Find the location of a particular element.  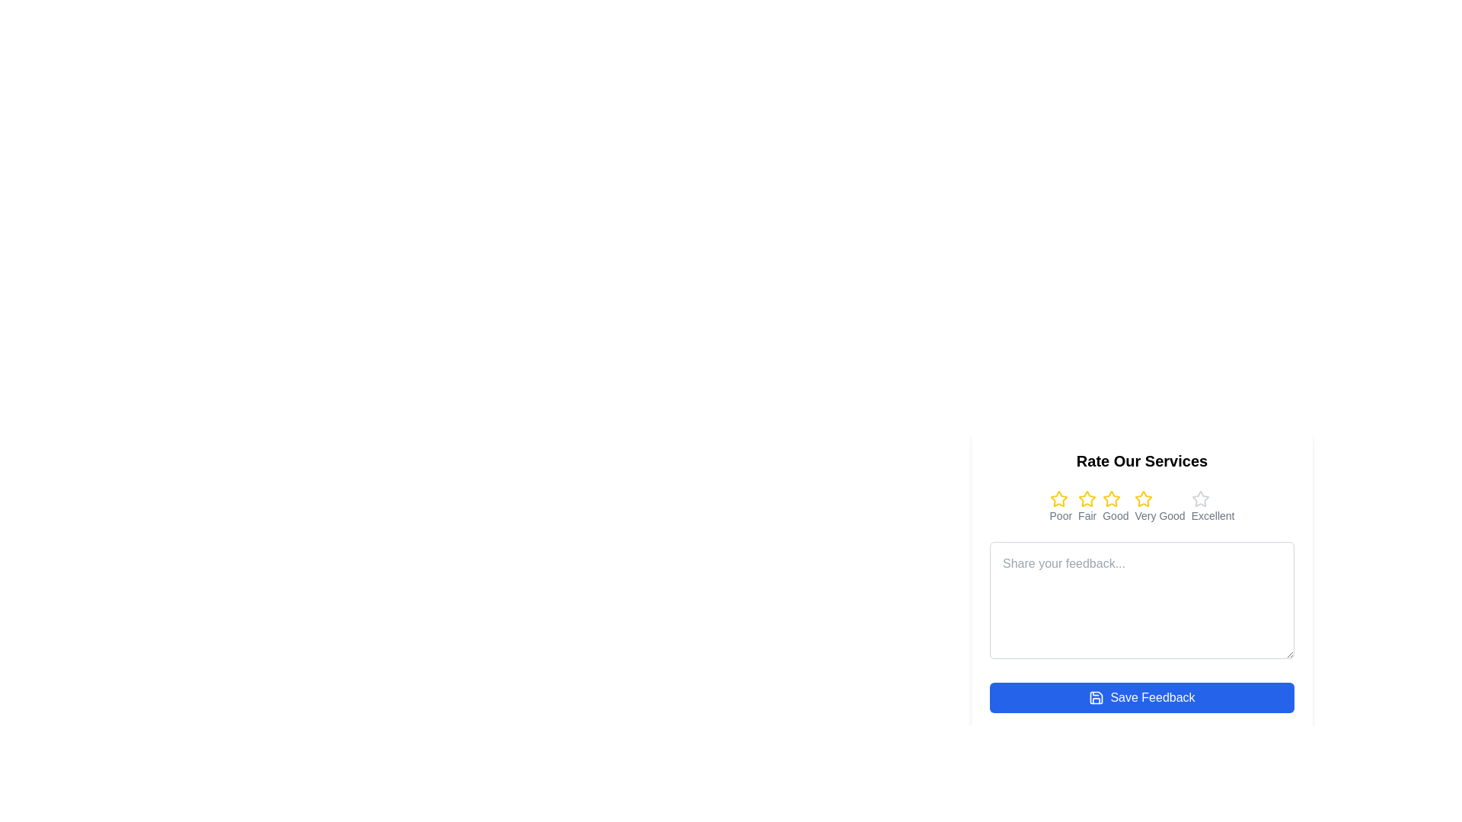

the Rating Control with Stars element located centrally below the heading 'Rate Our Services' in the feedback form is located at coordinates (1141, 507).